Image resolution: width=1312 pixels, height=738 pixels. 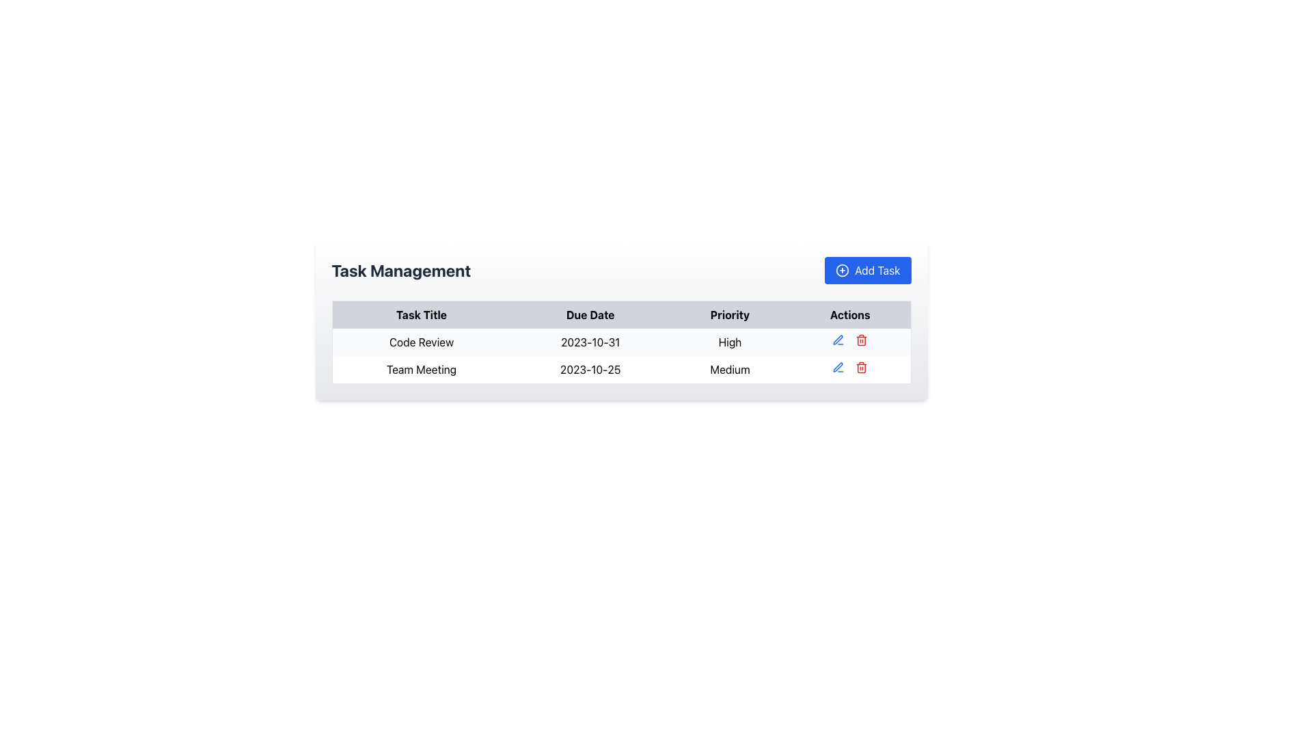 What do you see at coordinates (590, 370) in the screenshot?
I see `the 'Due Date' text label in the second row and second column of the 'Task Management' table` at bounding box center [590, 370].